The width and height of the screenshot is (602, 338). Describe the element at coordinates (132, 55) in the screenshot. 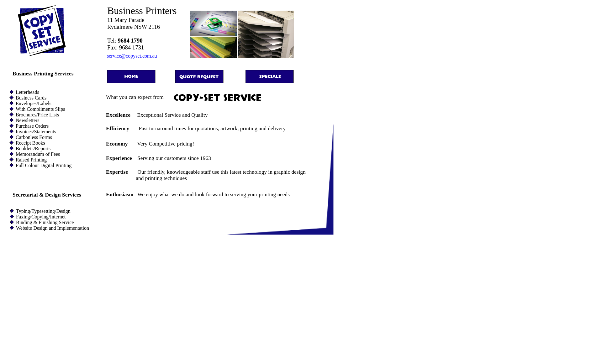

I see `'service@copyset.com.au'` at that location.